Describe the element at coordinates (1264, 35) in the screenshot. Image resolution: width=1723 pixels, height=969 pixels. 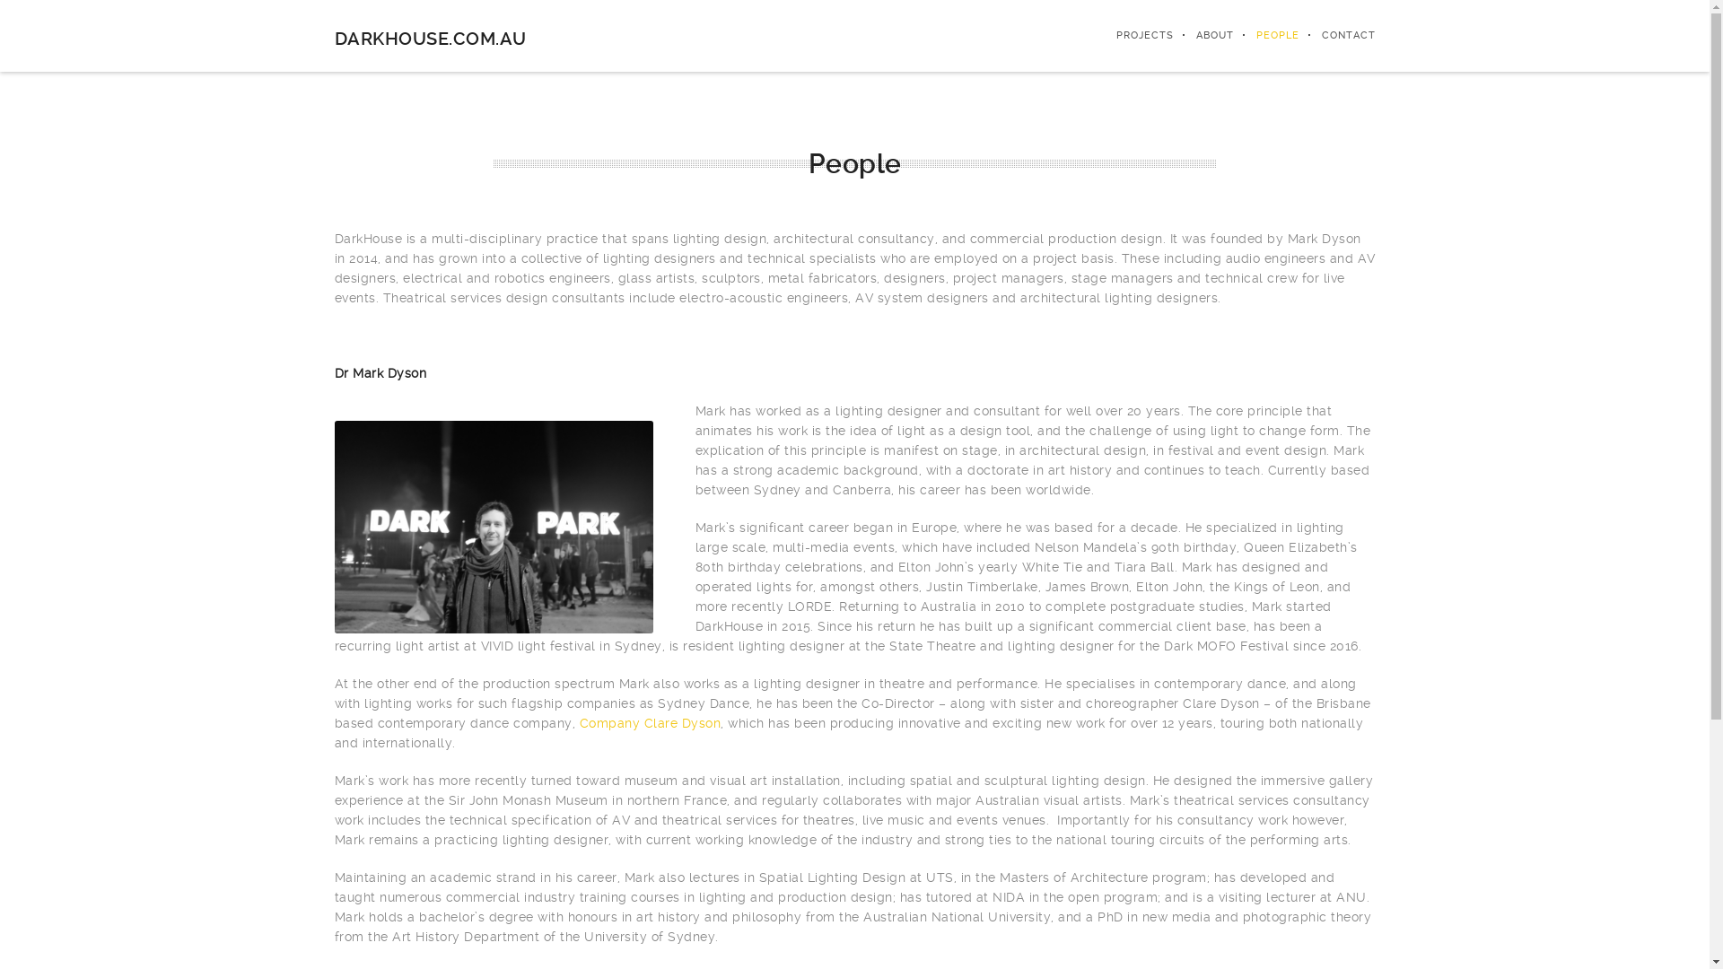
I see `'PEOPLE'` at that location.